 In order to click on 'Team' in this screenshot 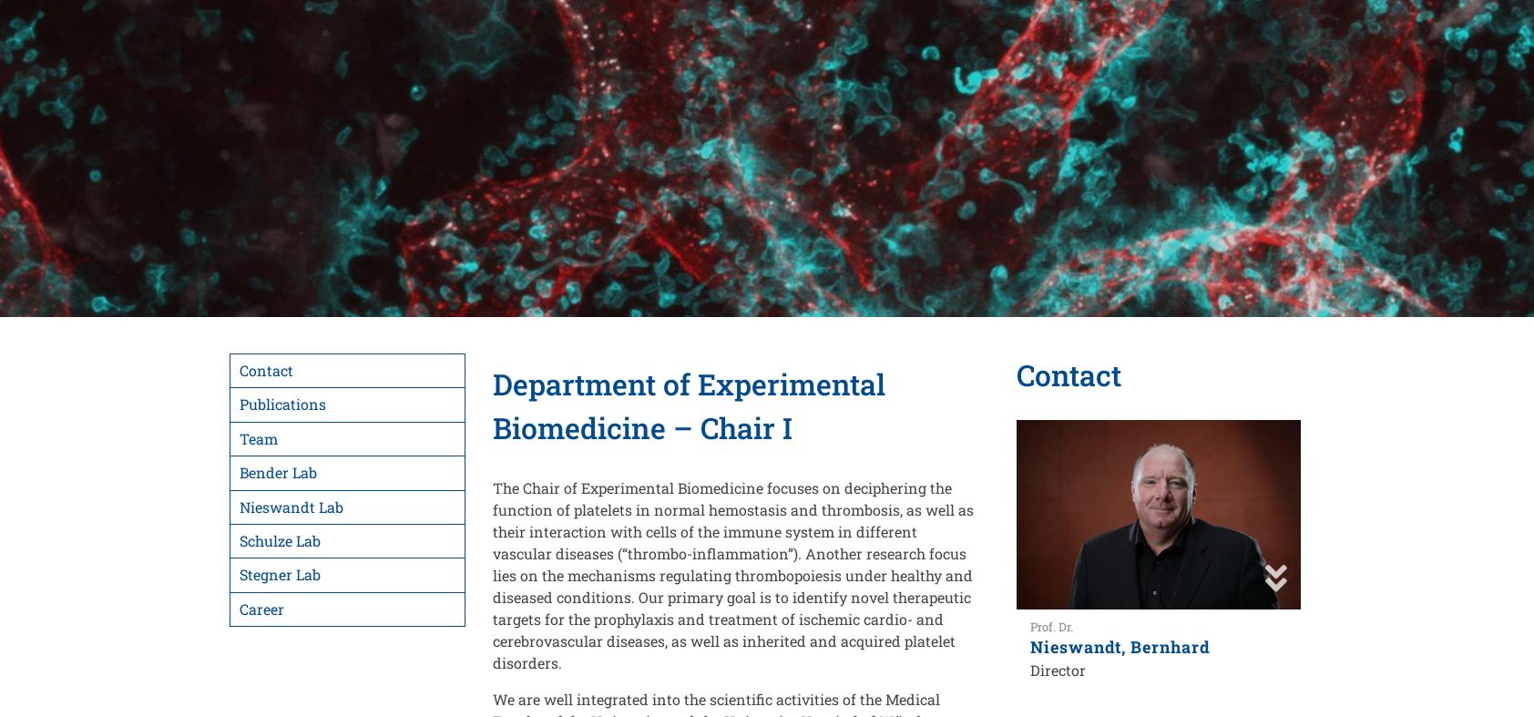, I will do `click(258, 437)`.